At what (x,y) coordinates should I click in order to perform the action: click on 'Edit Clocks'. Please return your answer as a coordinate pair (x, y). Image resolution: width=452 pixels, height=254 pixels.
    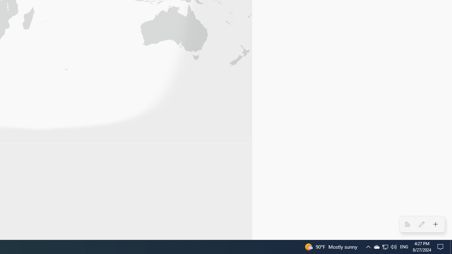
    Looking at the image, I should click on (421, 224).